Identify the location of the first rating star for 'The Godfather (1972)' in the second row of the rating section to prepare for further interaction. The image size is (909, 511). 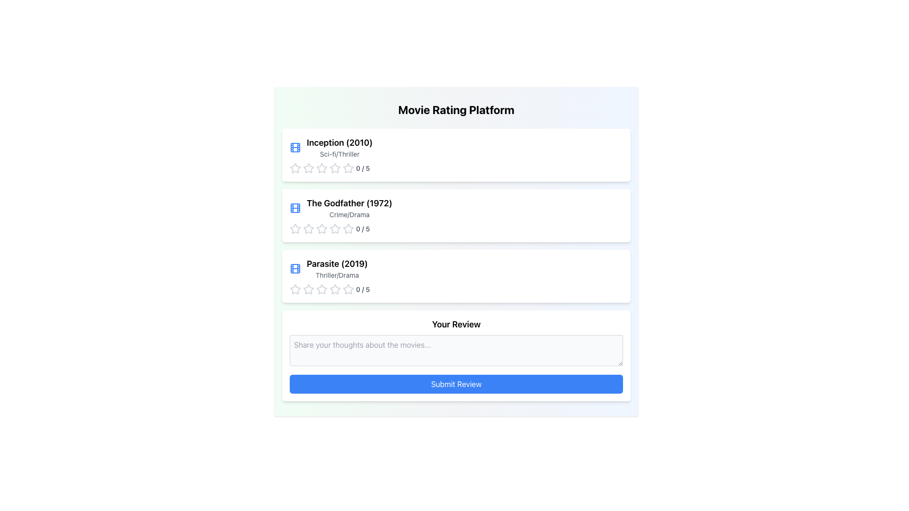
(309, 229).